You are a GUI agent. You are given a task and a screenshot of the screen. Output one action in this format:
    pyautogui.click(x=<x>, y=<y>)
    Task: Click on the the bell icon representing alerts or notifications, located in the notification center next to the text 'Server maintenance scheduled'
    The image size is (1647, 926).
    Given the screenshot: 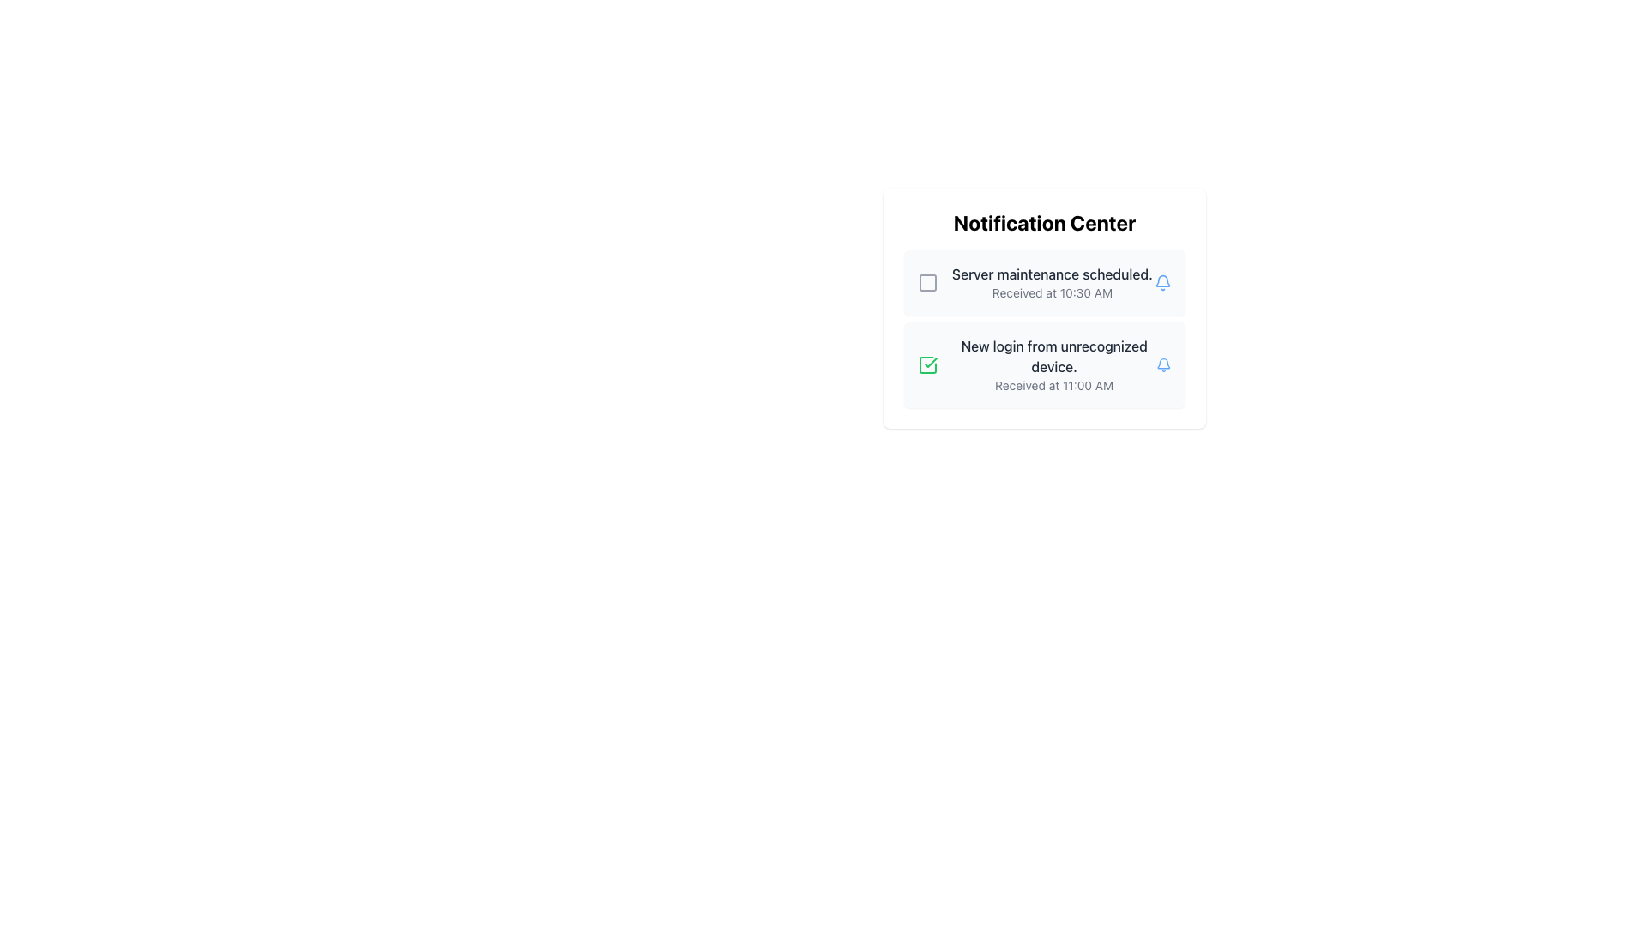 What is the action you would take?
    pyautogui.click(x=1163, y=280)
    